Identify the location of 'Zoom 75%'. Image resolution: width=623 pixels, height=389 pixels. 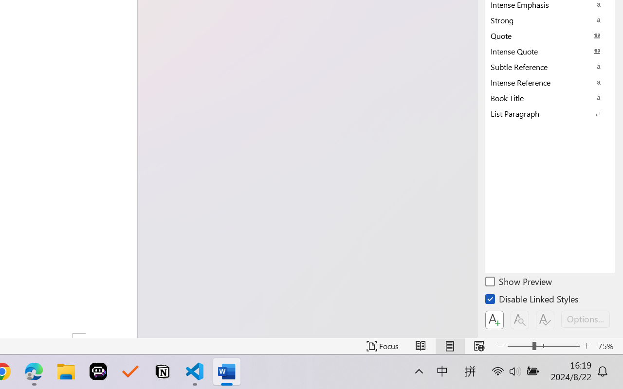
(607, 346).